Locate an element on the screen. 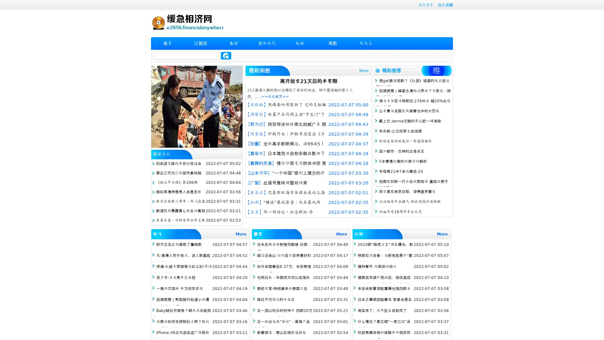  Search is located at coordinates (226, 55).